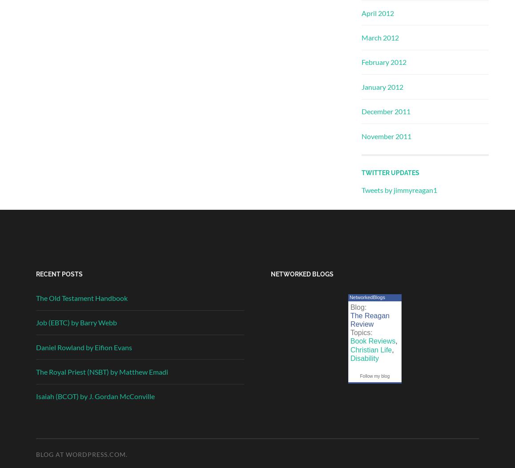 This screenshot has height=468, width=515. I want to click on 'Tweets by jimmyreagan1', so click(399, 189).